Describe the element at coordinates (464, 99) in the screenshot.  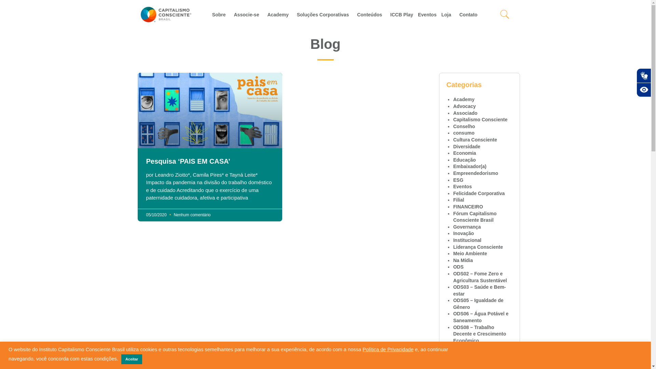
I see `'Academy'` at that location.